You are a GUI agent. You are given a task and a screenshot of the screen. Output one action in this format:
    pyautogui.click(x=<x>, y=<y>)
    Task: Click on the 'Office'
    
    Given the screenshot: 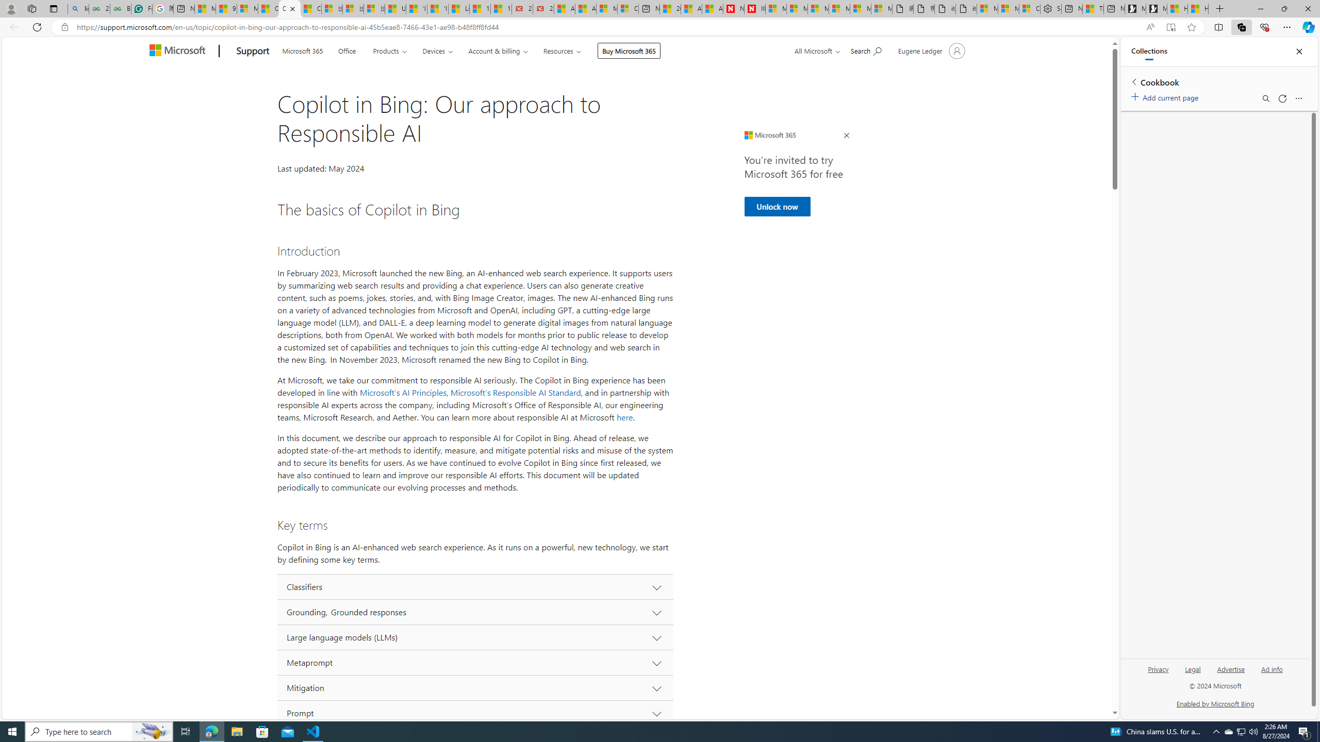 What is the action you would take?
    pyautogui.click(x=346, y=49)
    